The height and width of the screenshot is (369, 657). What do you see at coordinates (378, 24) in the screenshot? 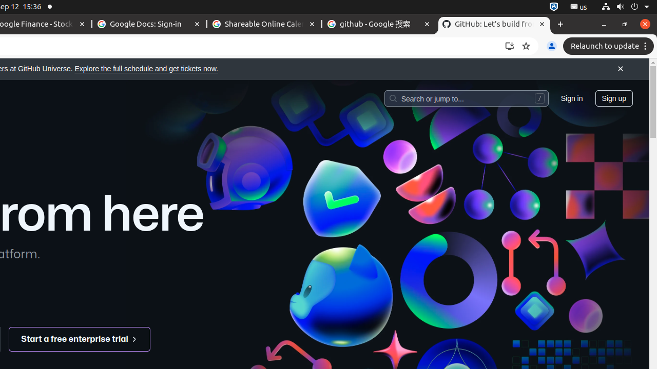
I see `'github - Google 搜索 - Memory usage - 111 MB'` at bounding box center [378, 24].